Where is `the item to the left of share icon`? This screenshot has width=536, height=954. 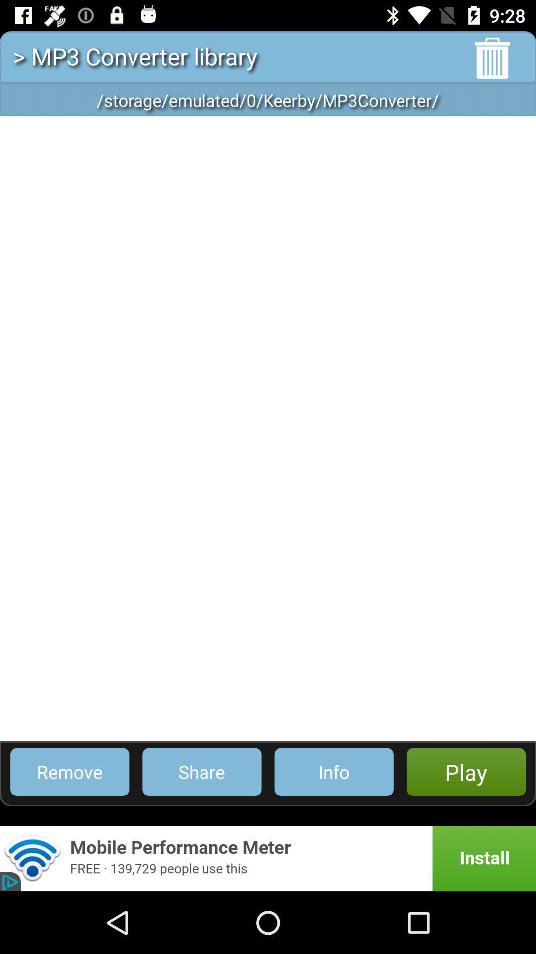 the item to the left of share icon is located at coordinates (69, 771).